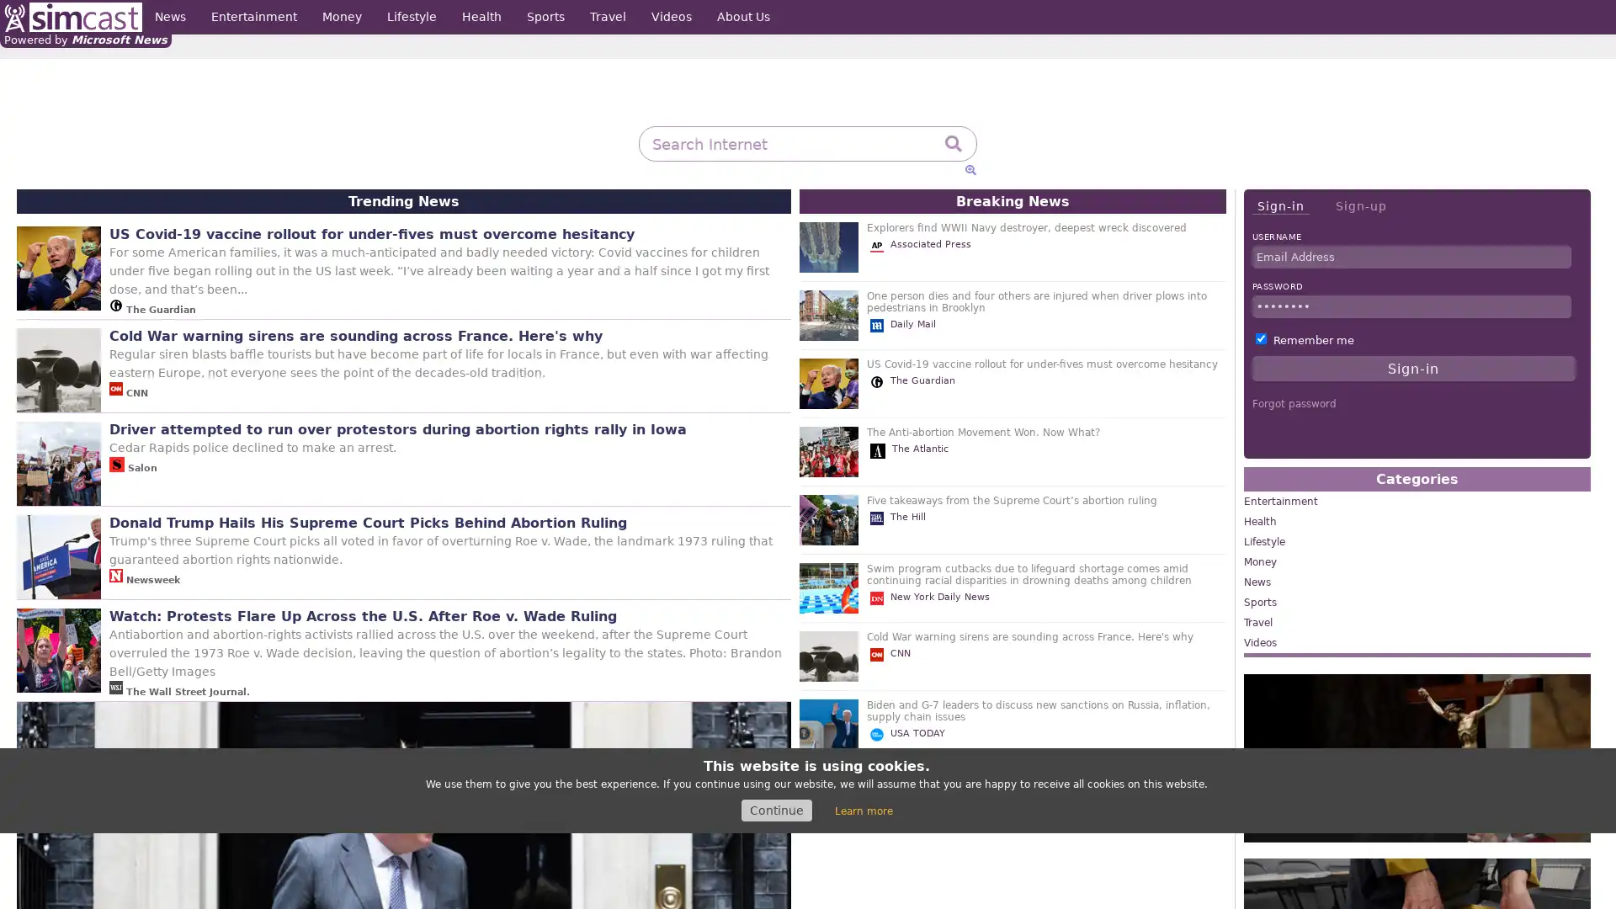 This screenshot has height=909, width=1616. Describe the element at coordinates (1360, 205) in the screenshot. I see `Sign-up` at that location.